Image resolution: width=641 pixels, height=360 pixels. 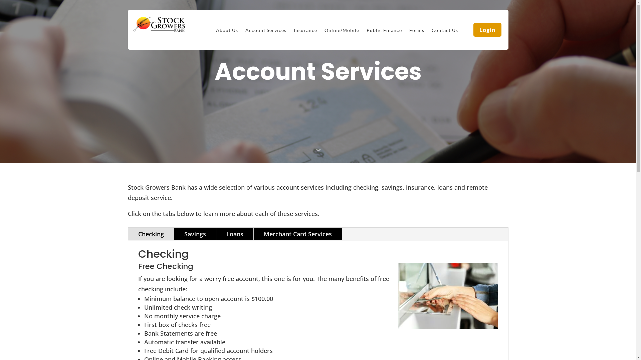 I want to click on 'Online/Mobile', so click(x=342, y=32).